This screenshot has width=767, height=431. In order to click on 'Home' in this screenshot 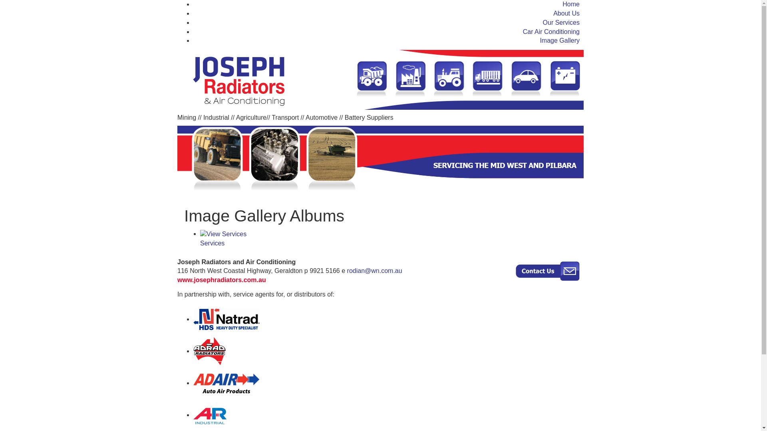, I will do `click(562, 4)`.